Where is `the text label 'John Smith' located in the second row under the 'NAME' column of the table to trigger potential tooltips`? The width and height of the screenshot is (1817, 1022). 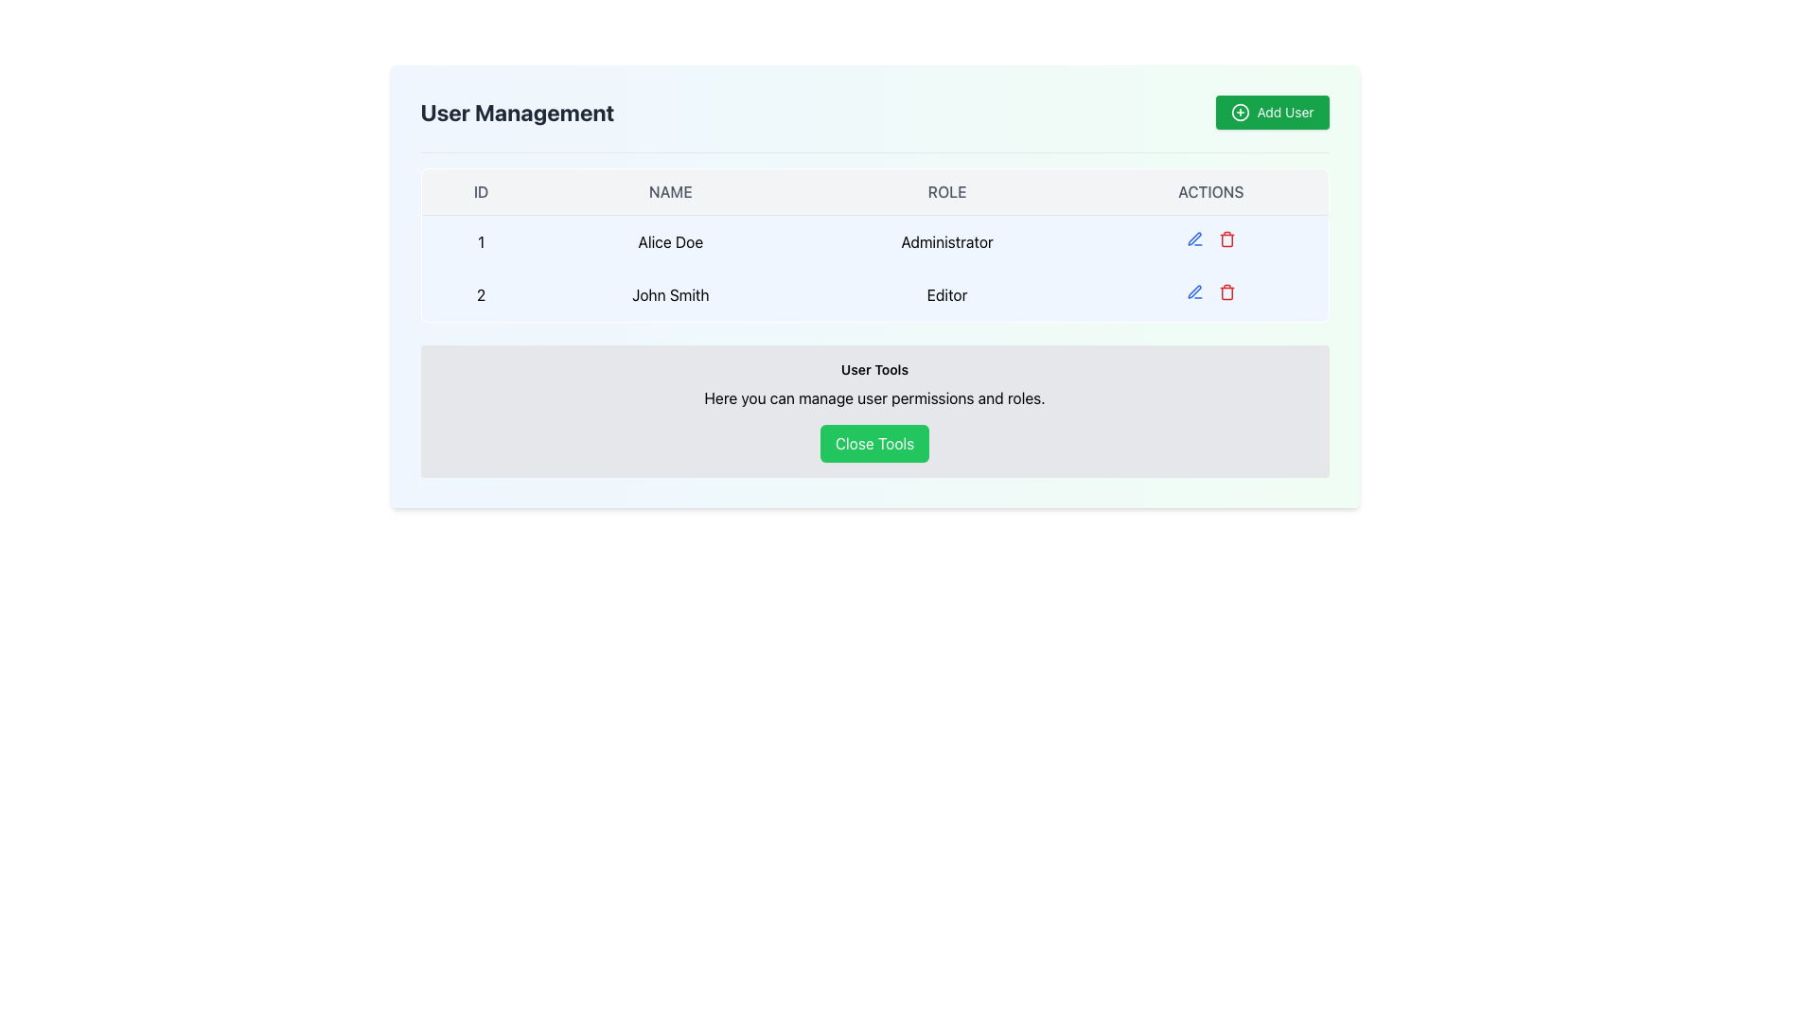 the text label 'John Smith' located in the second row under the 'NAME' column of the table to trigger potential tooltips is located at coordinates (670, 295).